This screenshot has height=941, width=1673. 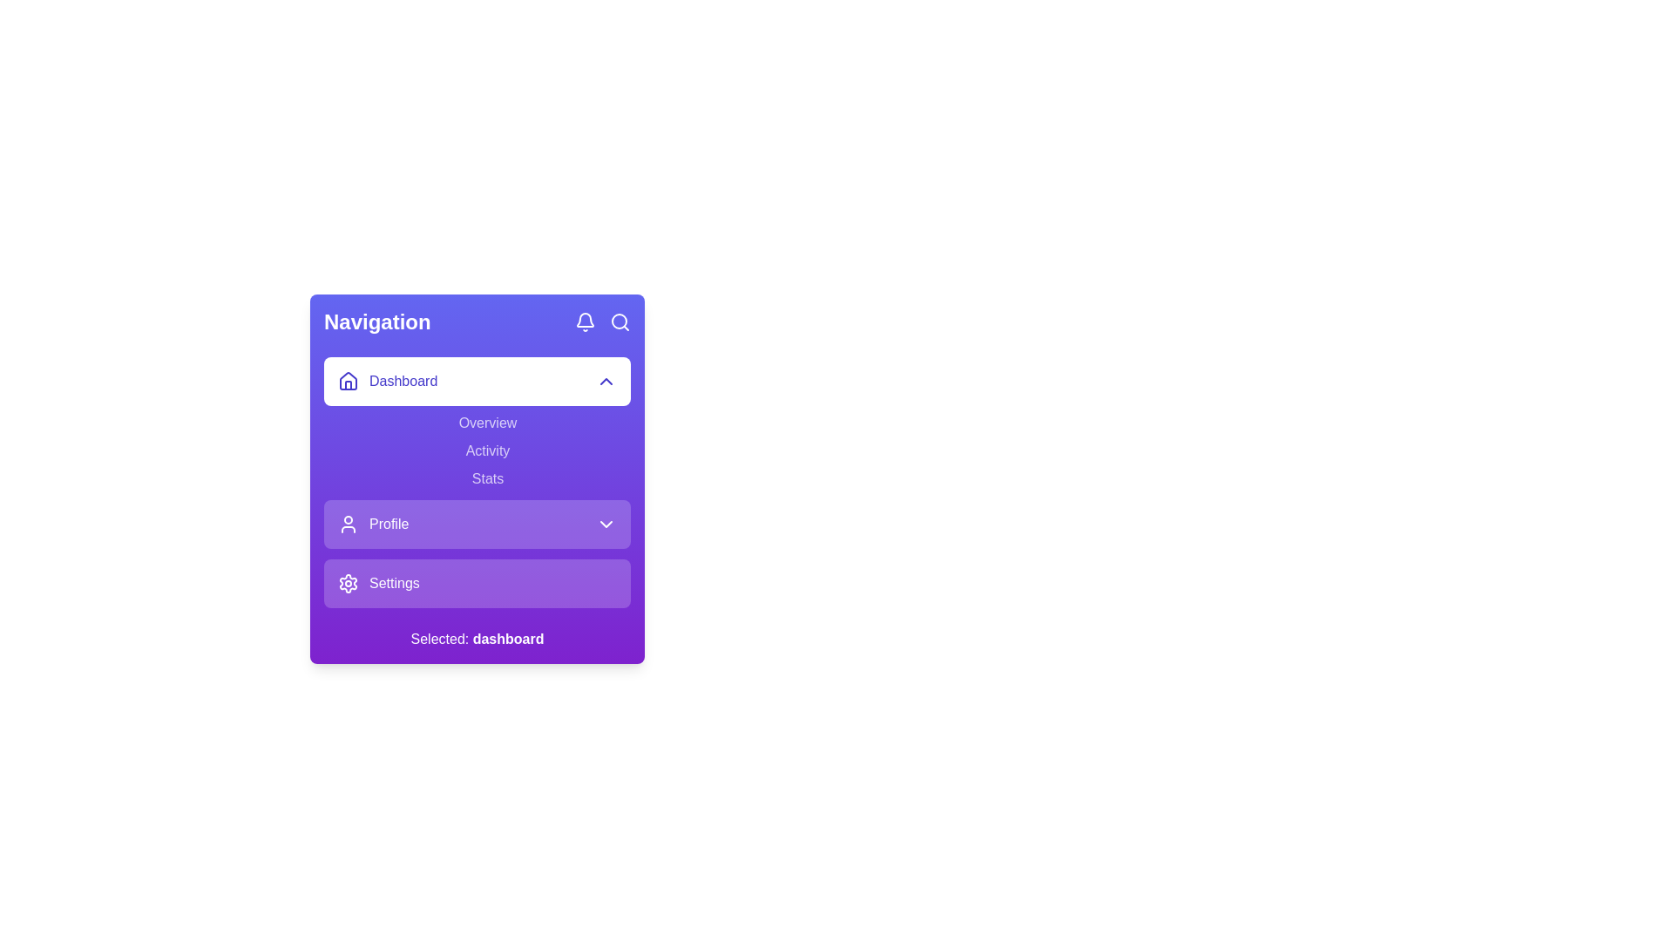 What do you see at coordinates (477, 381) in the screenshot?
I see `the first navigation item in the left-side navigation panel labeled 'Navigation'` at bounding box center [477, 381].